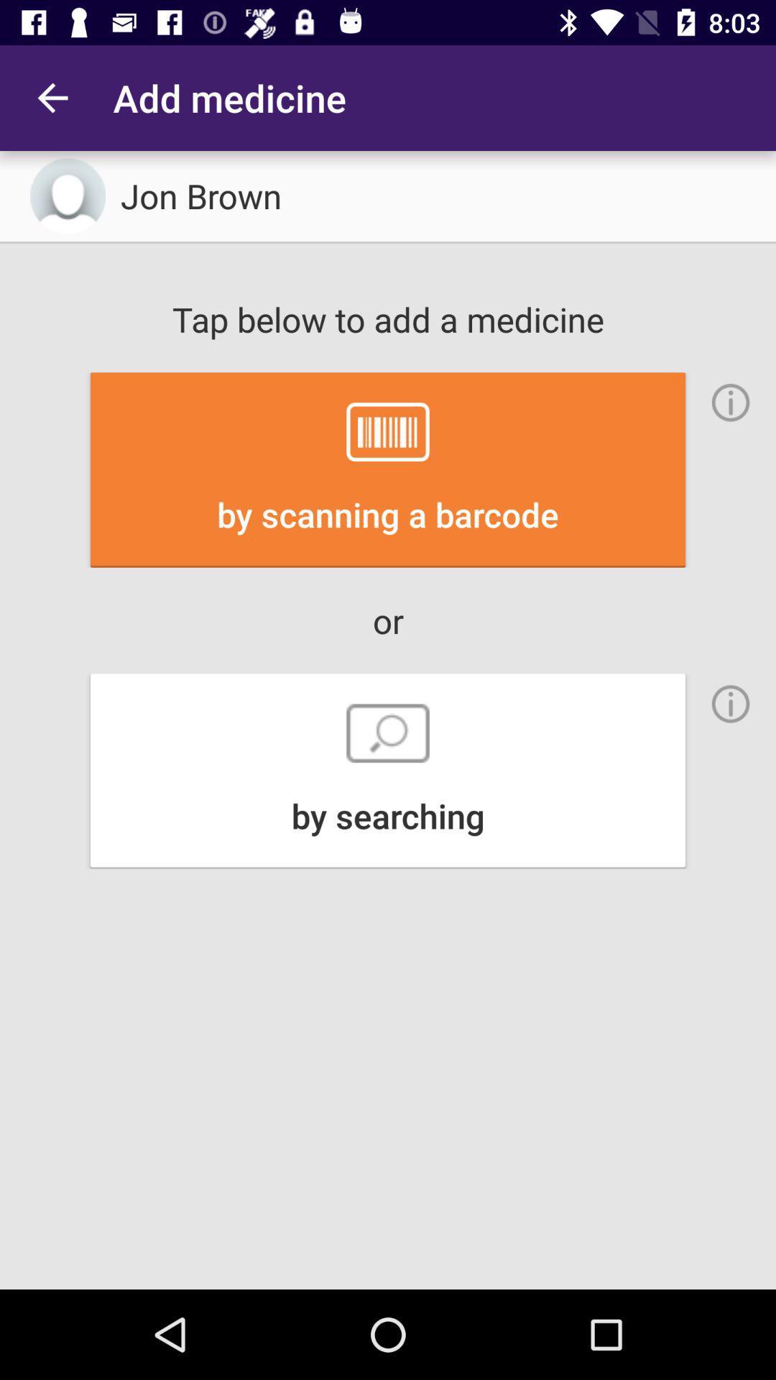 This screenshot has width=776, height=1380. Describe the element at coordinates (731, 402) in the screenshot. I see `the info icon` at that location.